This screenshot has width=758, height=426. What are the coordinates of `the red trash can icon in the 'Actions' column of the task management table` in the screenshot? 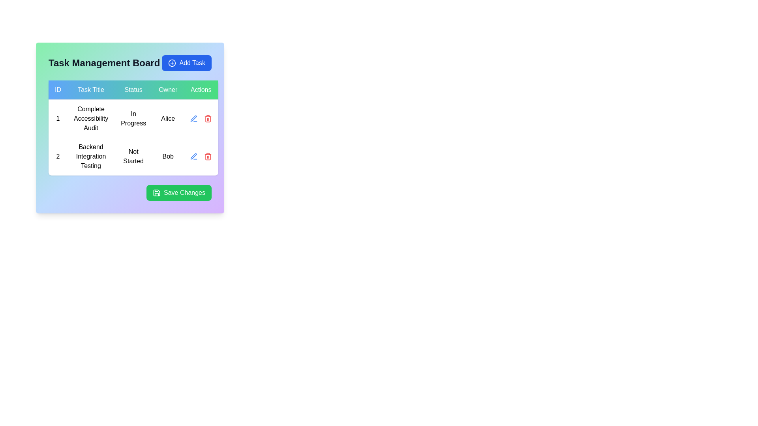 It's located at (208, 118).